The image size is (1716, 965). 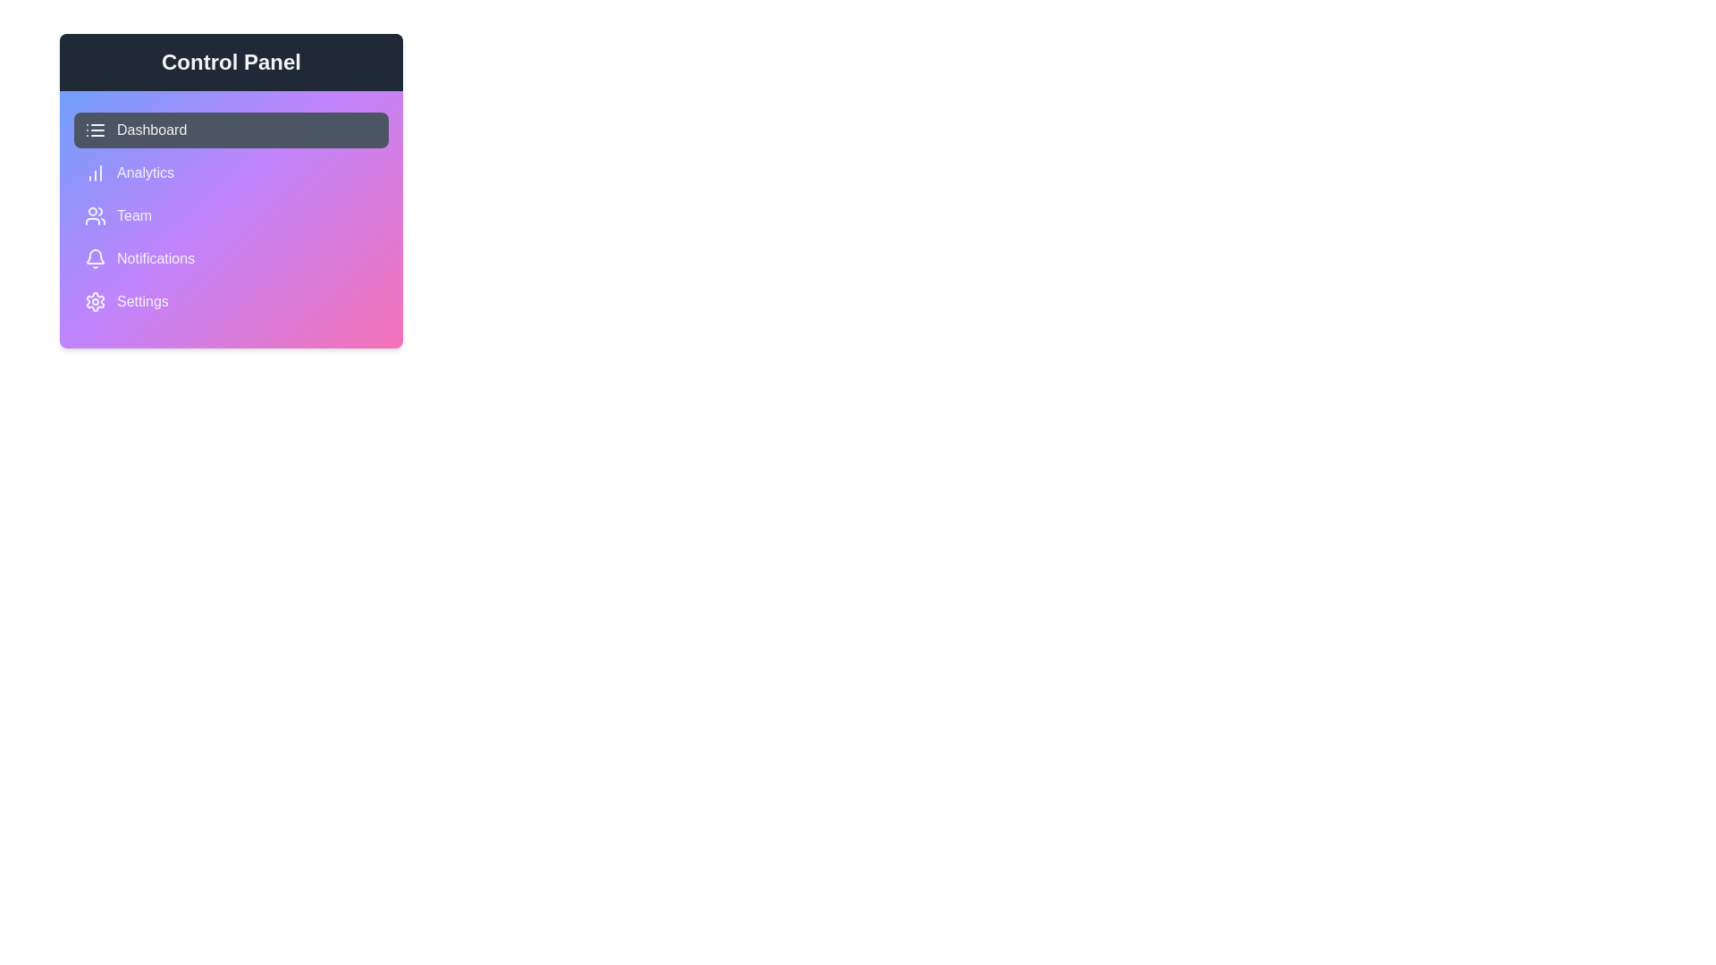 I want to click on the 'Team' menu item icon located to the left of the 'Team' text in the vertical navigation menu under the 'Control Panel', so click(x=94, y=215).